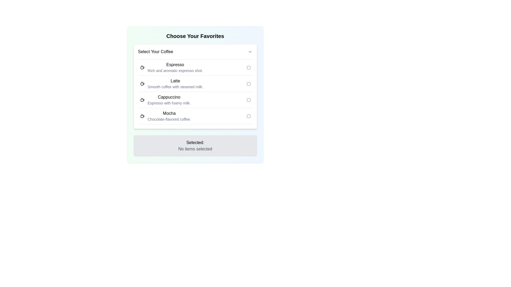 The image size is (511, 287). What do you see at coordinates (142, 100) in the screenshot?
I see `the visual indicator icon for the 'Cappuccino' coffee option, which is the third item in a vertical list of coffee options` at bounding box center [142, 100].